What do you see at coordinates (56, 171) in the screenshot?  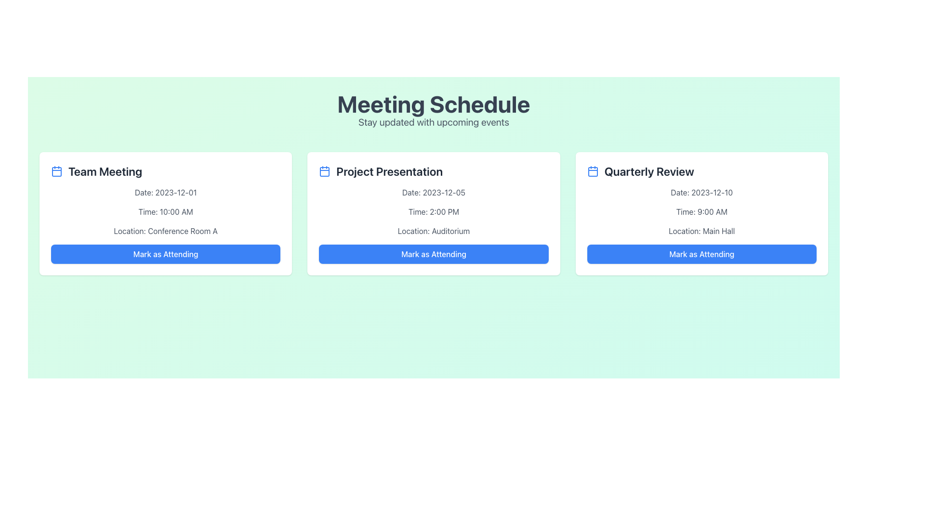 I see `blue rounded rectangular vector graphic subcomponent of the calendar icon located within the 'Team Meeting' event card` at bounding box center [56, 171].